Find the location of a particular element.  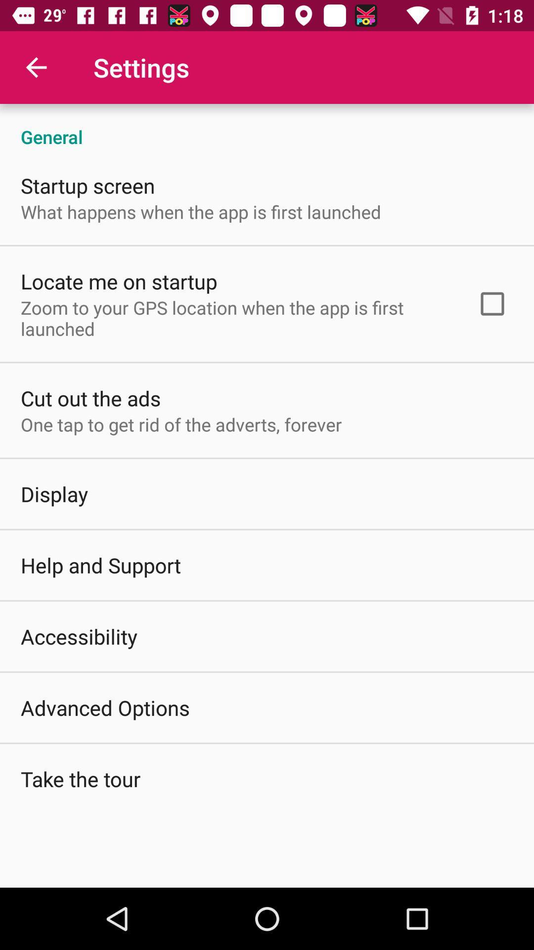

the zoom to your is located at coordinates (236, 318).